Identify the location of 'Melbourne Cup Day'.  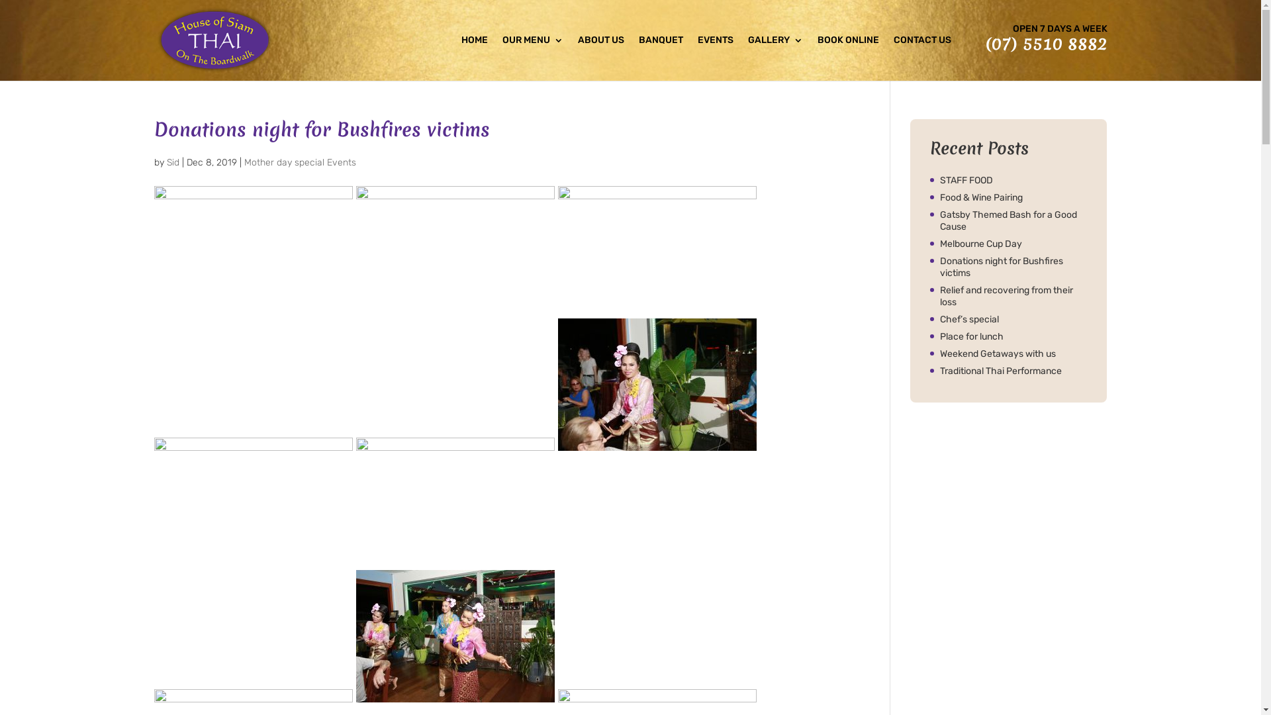
(1013, 244).